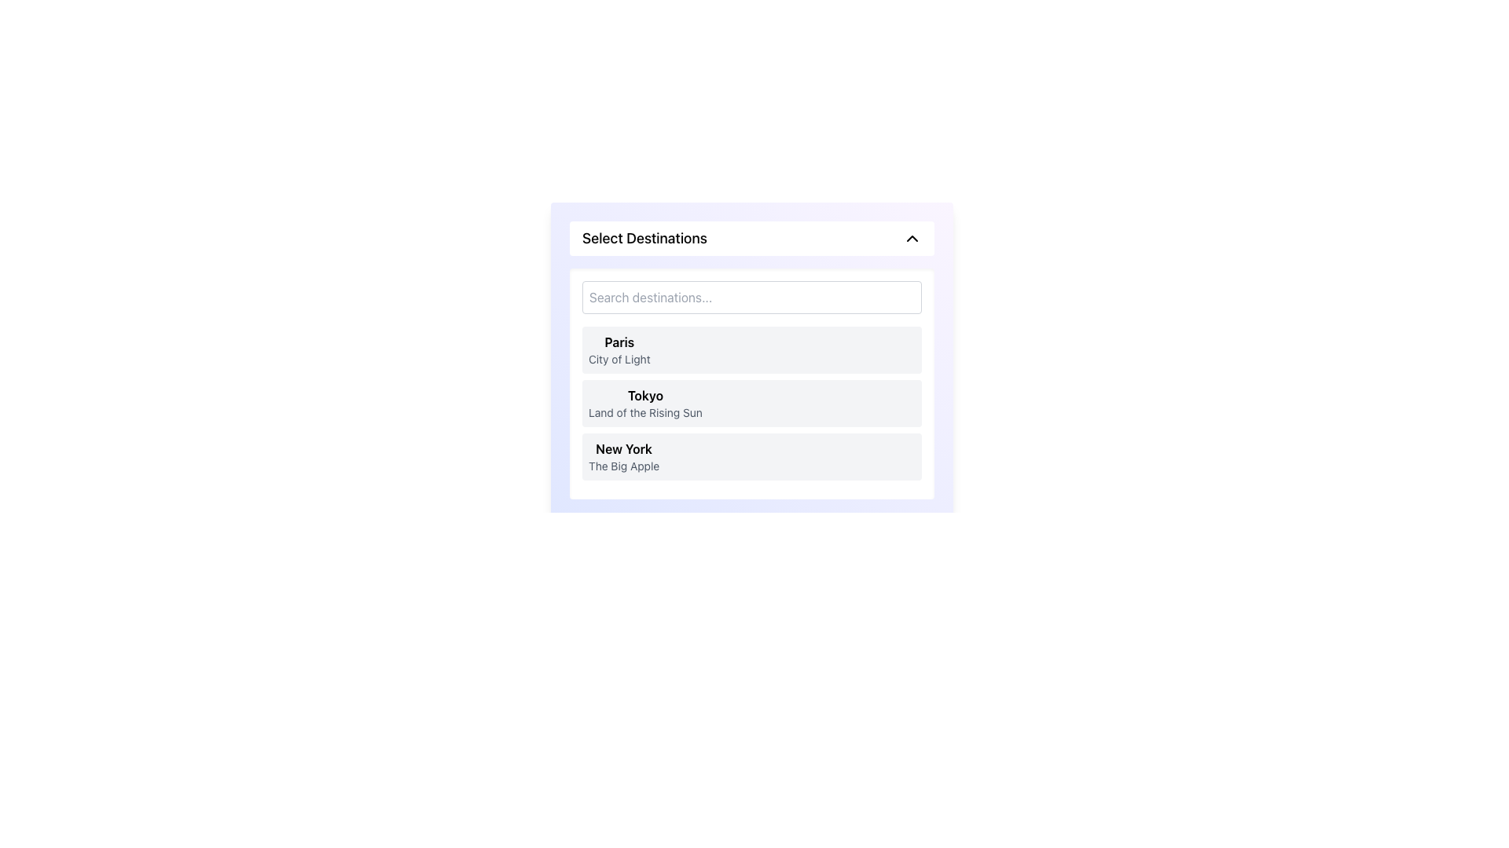 This screenshot has height=848, width=1509. What do you see at coordinates (623, 466) in the screenshot?
I see `text content 'The Big Apple' displayed in gray color, positioned under 'New York' in the dropdown list` at bounding box center [623, 466].